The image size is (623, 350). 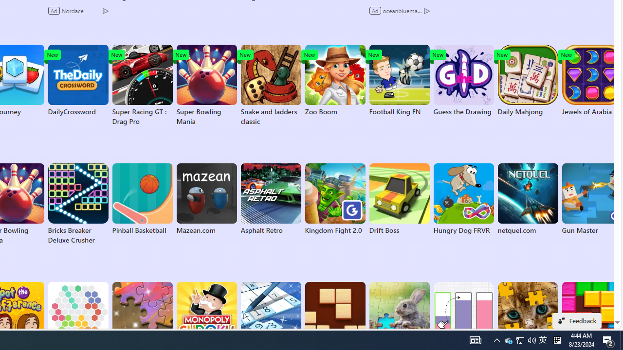 I want to click on 'Zoo Boom', so click(x=335, y=80).